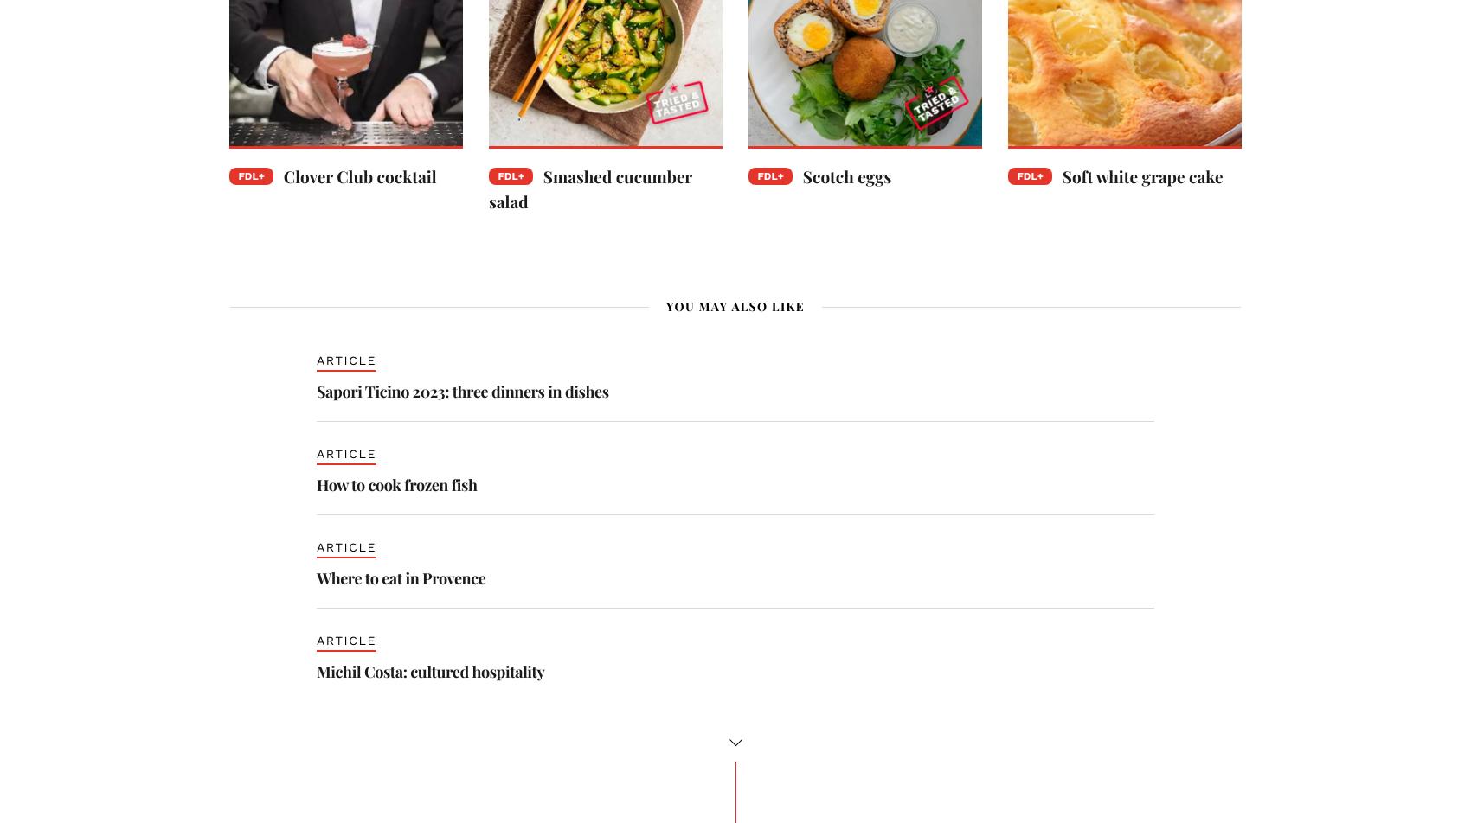  I want to click on 'You may also like', so click(734, 305).